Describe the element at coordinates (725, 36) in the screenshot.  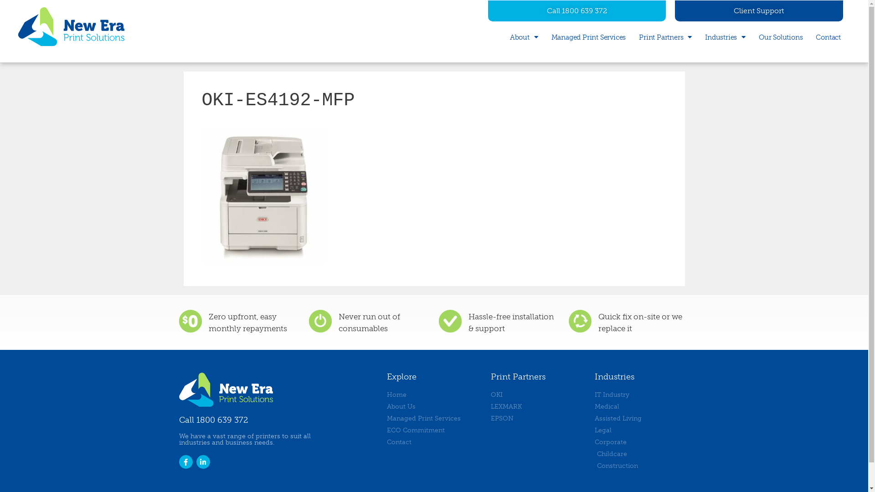
I see `'Industries'` at that location.